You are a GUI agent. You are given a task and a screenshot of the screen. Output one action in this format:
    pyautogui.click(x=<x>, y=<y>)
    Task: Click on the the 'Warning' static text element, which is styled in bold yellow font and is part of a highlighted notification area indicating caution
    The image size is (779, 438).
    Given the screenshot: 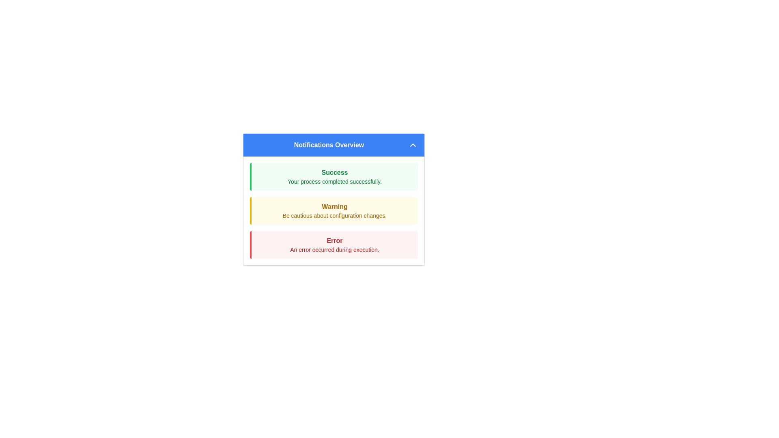 What is the action you would take?
    pyautogui.click(x=335, y=206)
    